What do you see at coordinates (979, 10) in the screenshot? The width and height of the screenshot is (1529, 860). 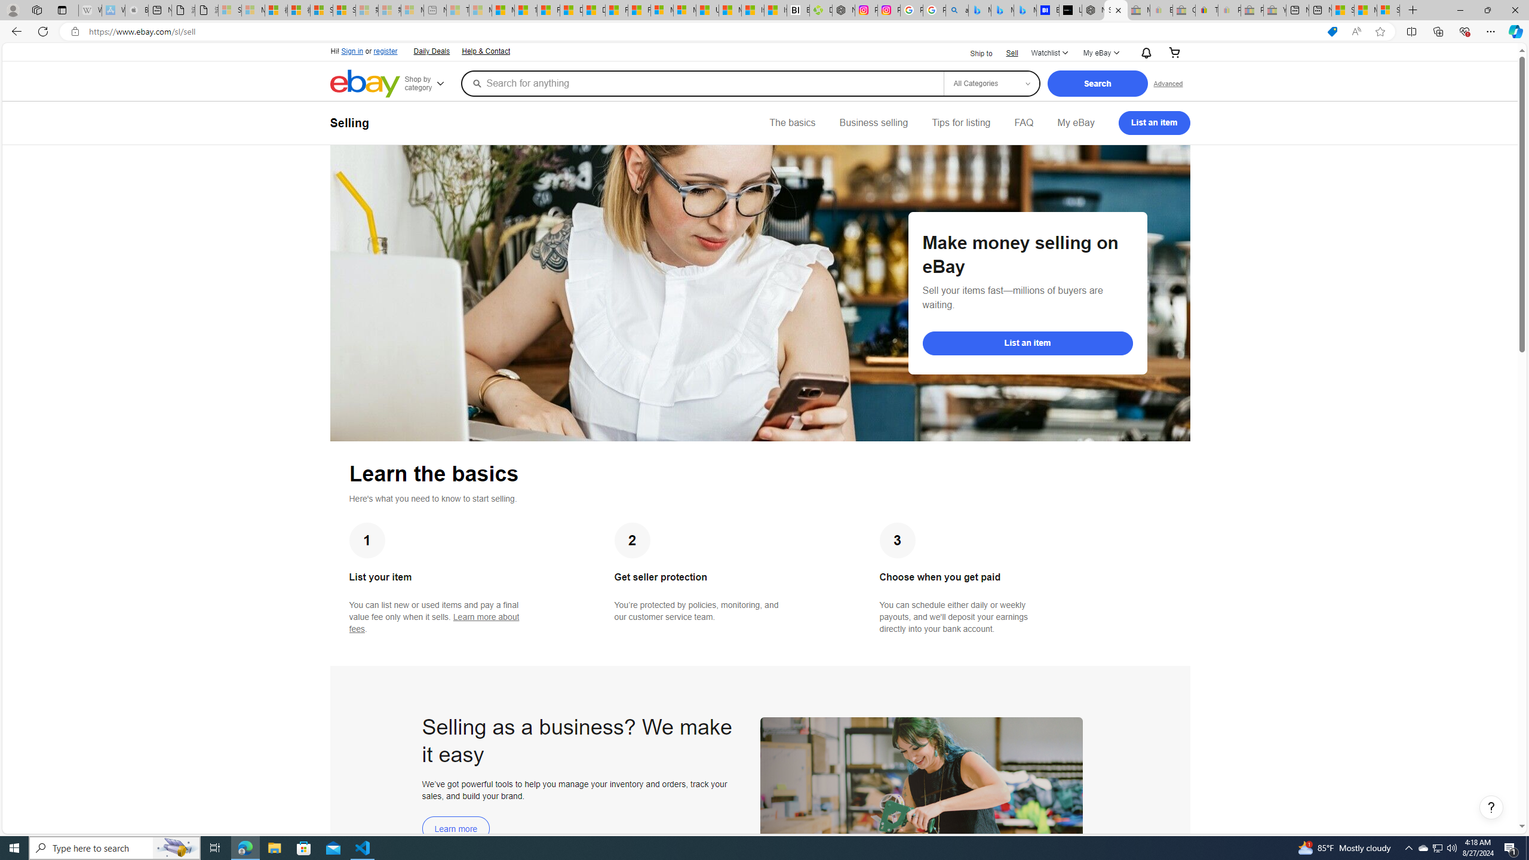 I see `'Microsoft Bing Travel - Flights from Hong Kong to Bangkok'` at bounding box center [979, 10].